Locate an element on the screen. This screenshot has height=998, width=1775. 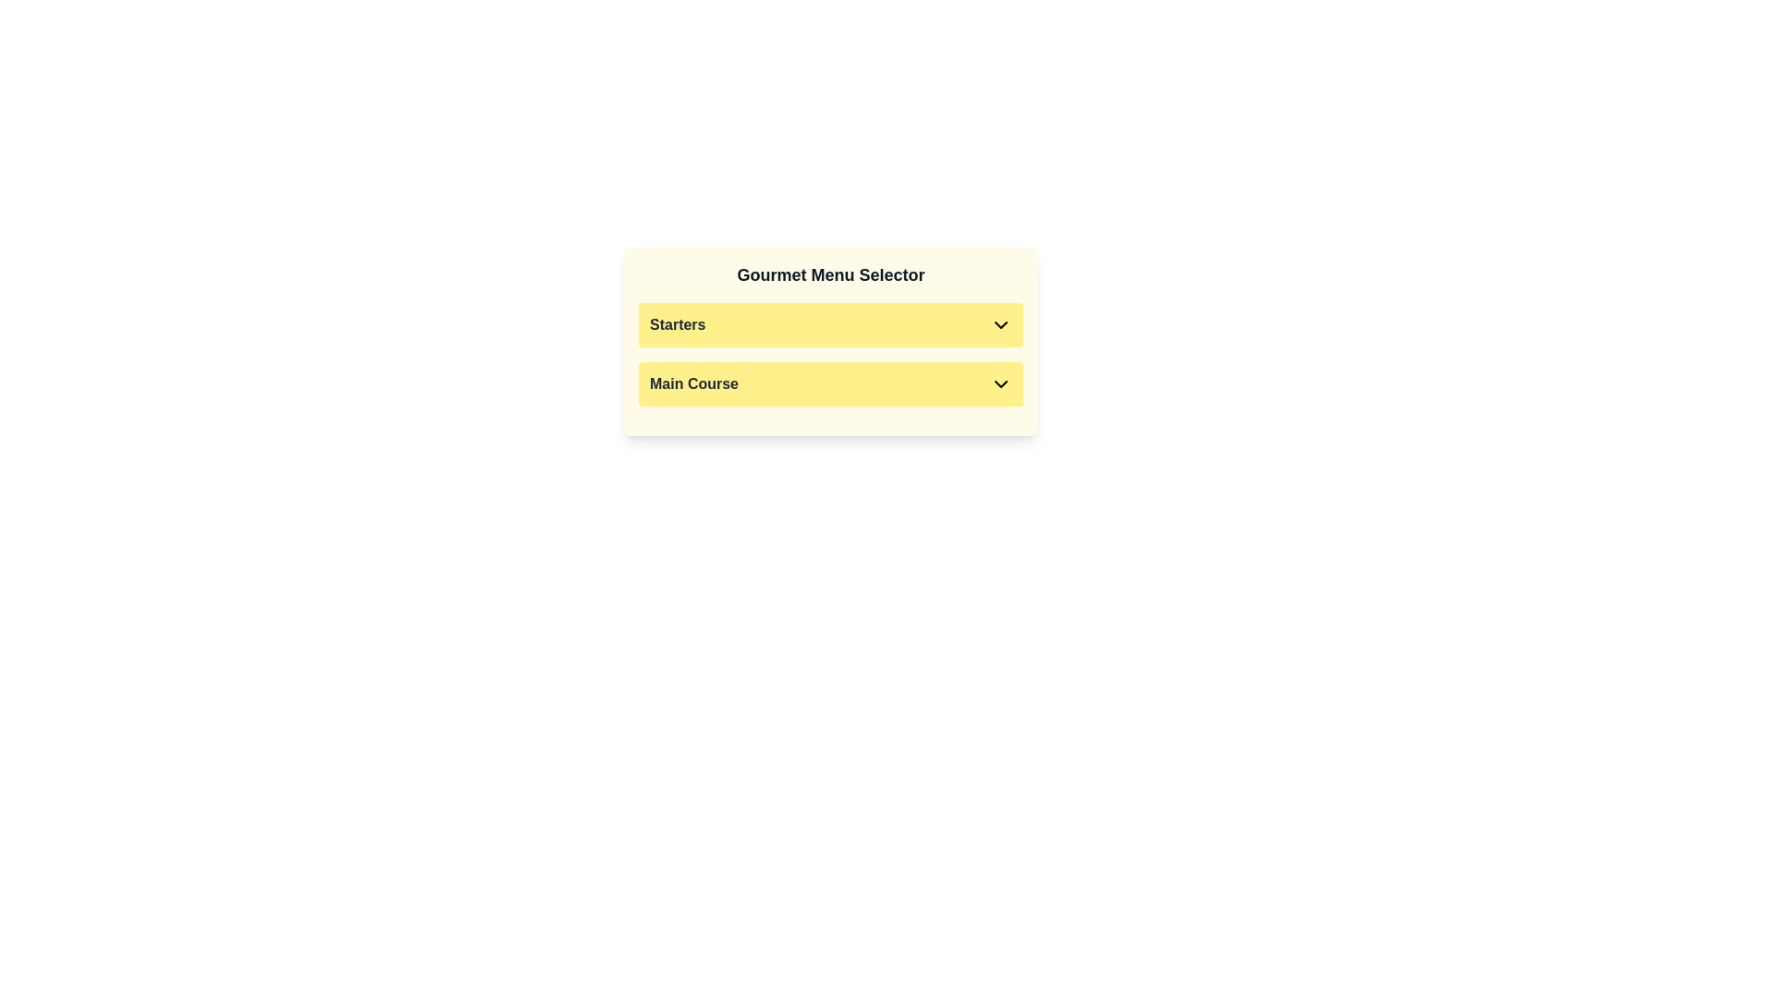
the label indicating the category name 'Starters' within the menu or dropdown interface is located at coordinates (677, 323).